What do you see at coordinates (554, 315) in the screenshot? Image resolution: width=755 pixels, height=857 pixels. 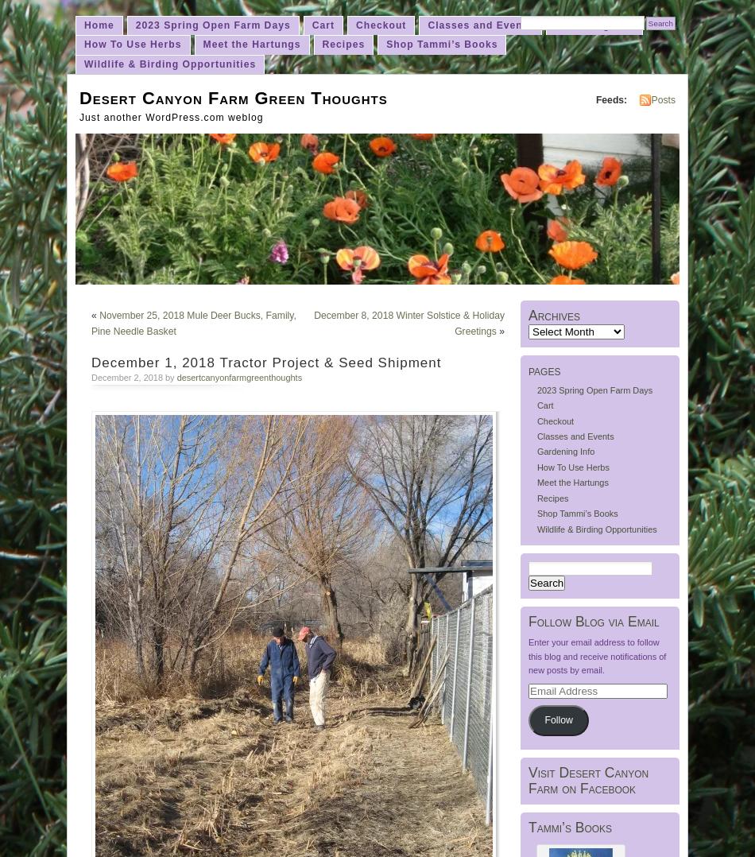 I see `'Archives'` at bounding box center [554, 315].